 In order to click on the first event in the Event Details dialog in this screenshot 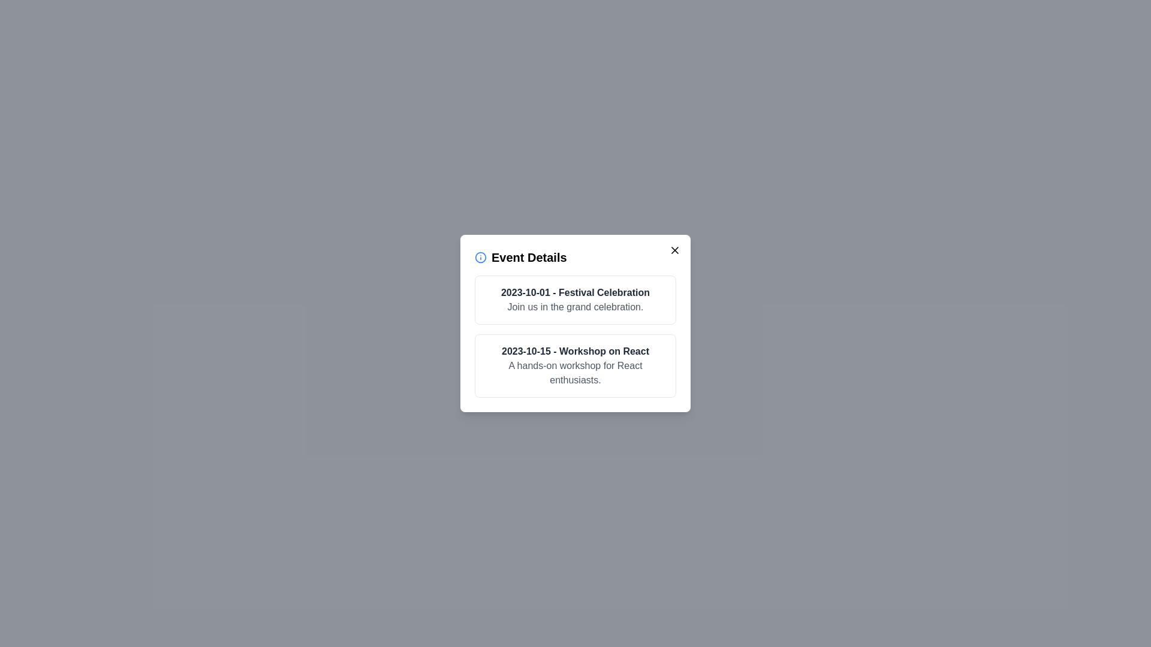, I will do `click(575, 300)`.